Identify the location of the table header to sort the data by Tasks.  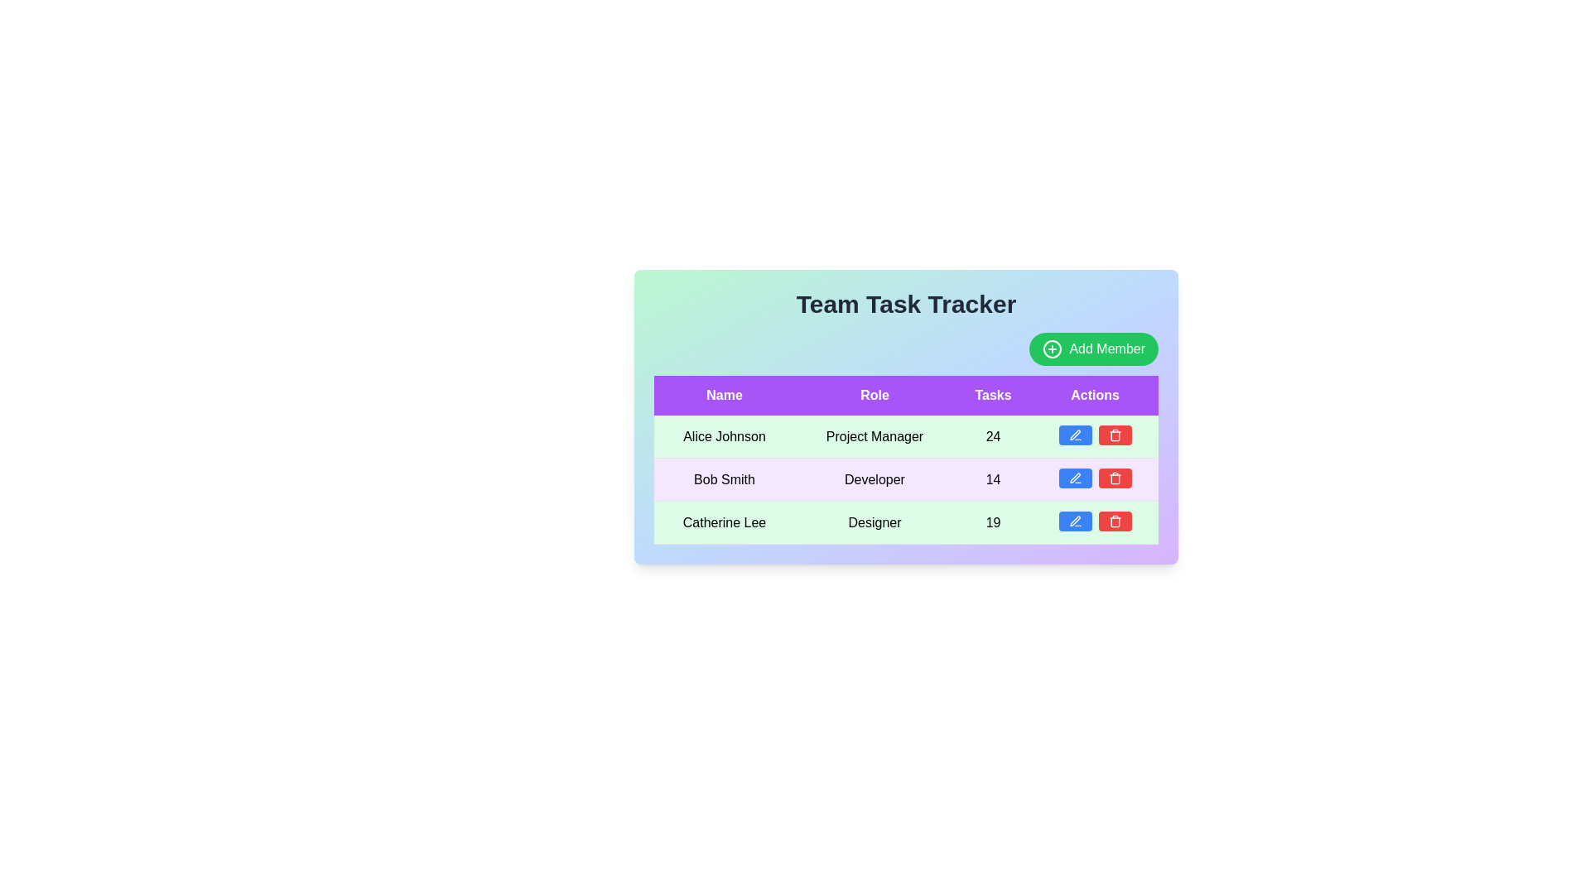
(993, 396).